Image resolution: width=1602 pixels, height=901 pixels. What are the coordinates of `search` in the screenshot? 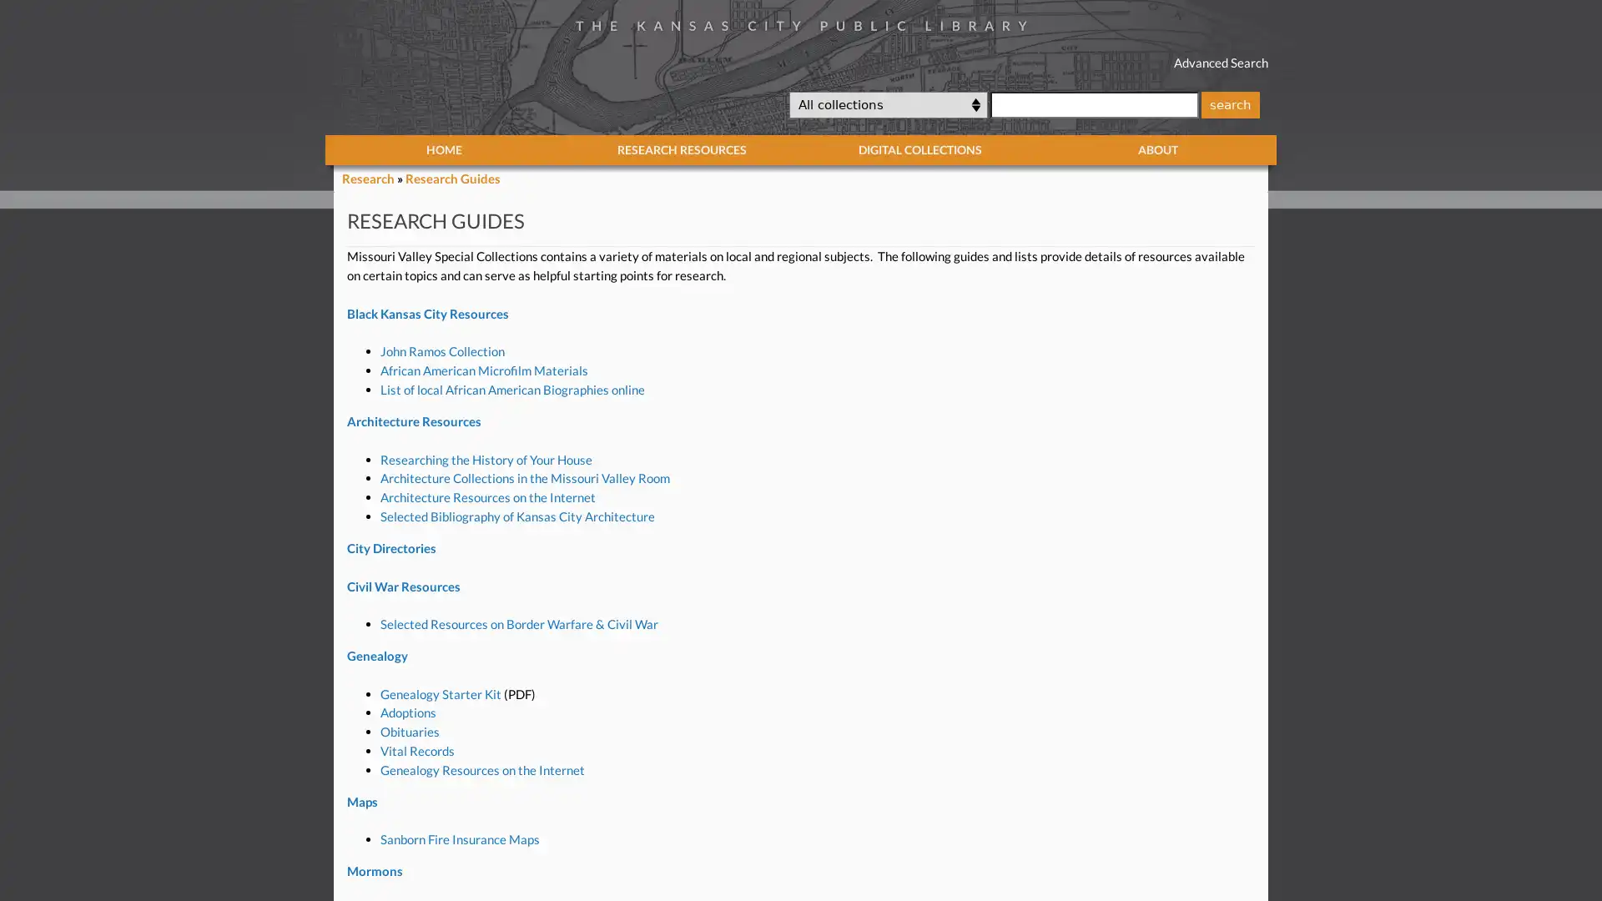 It's located at (1229, 103).